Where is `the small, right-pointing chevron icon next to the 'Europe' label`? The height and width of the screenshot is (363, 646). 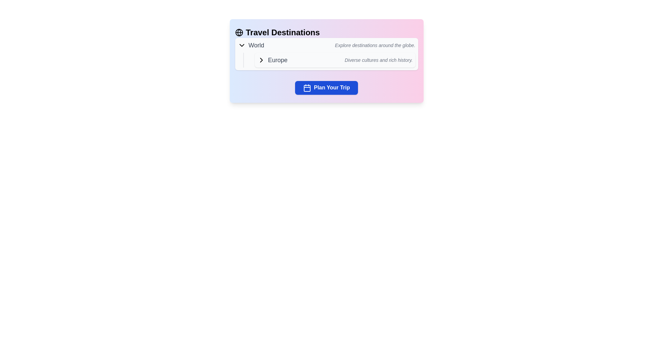
the small, right-pointing chevron icon next to the 'Europe' label is located at coordinates (261, 59).